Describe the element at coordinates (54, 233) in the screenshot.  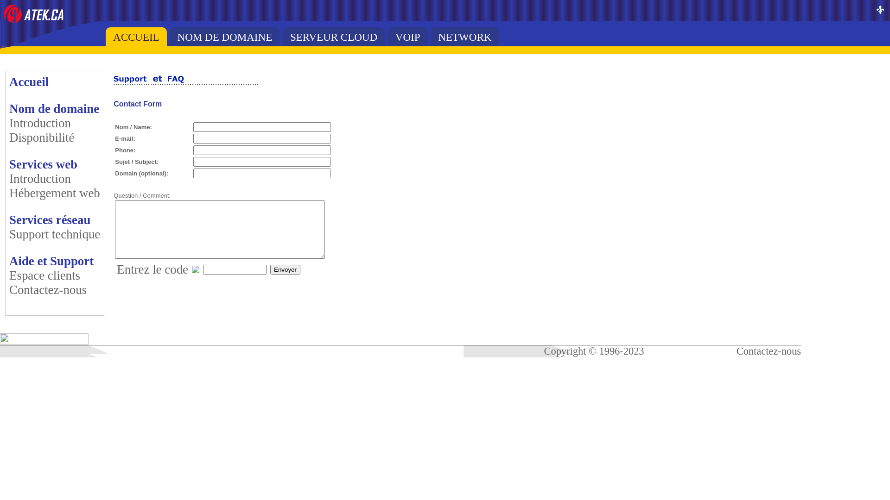
I see `'Support technique'` at that location.